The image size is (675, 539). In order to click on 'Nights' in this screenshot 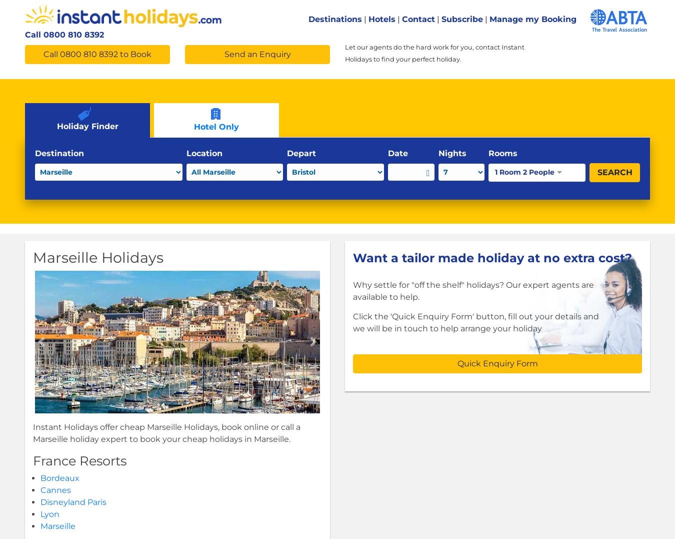, I will do `click(451, 153)`.